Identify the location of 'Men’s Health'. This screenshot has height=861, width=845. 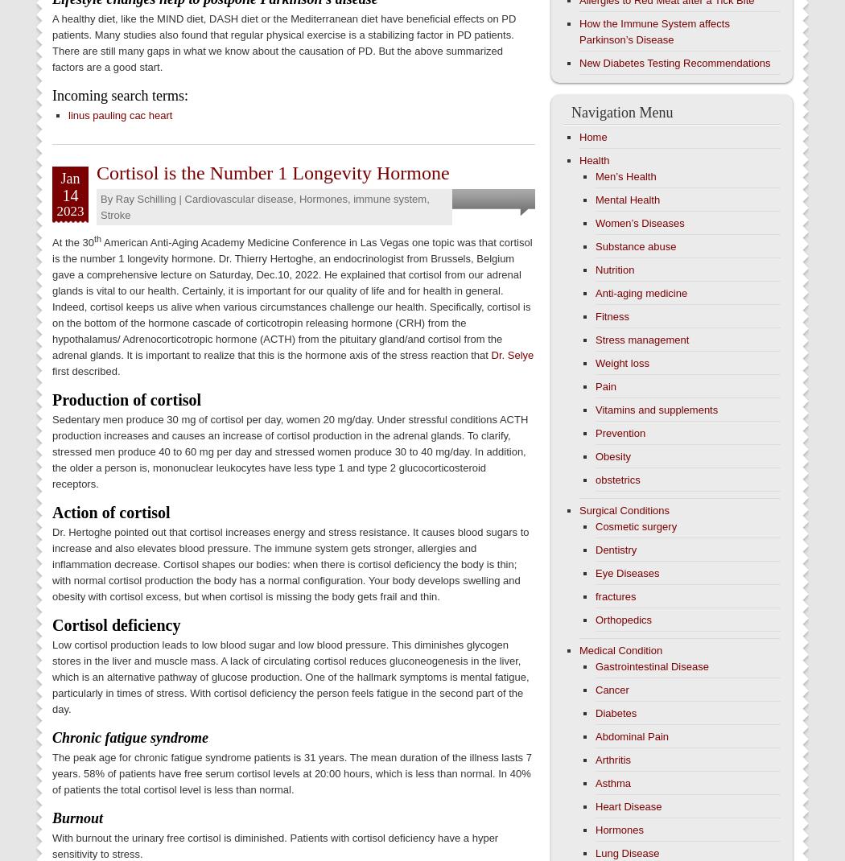
(625, 175).